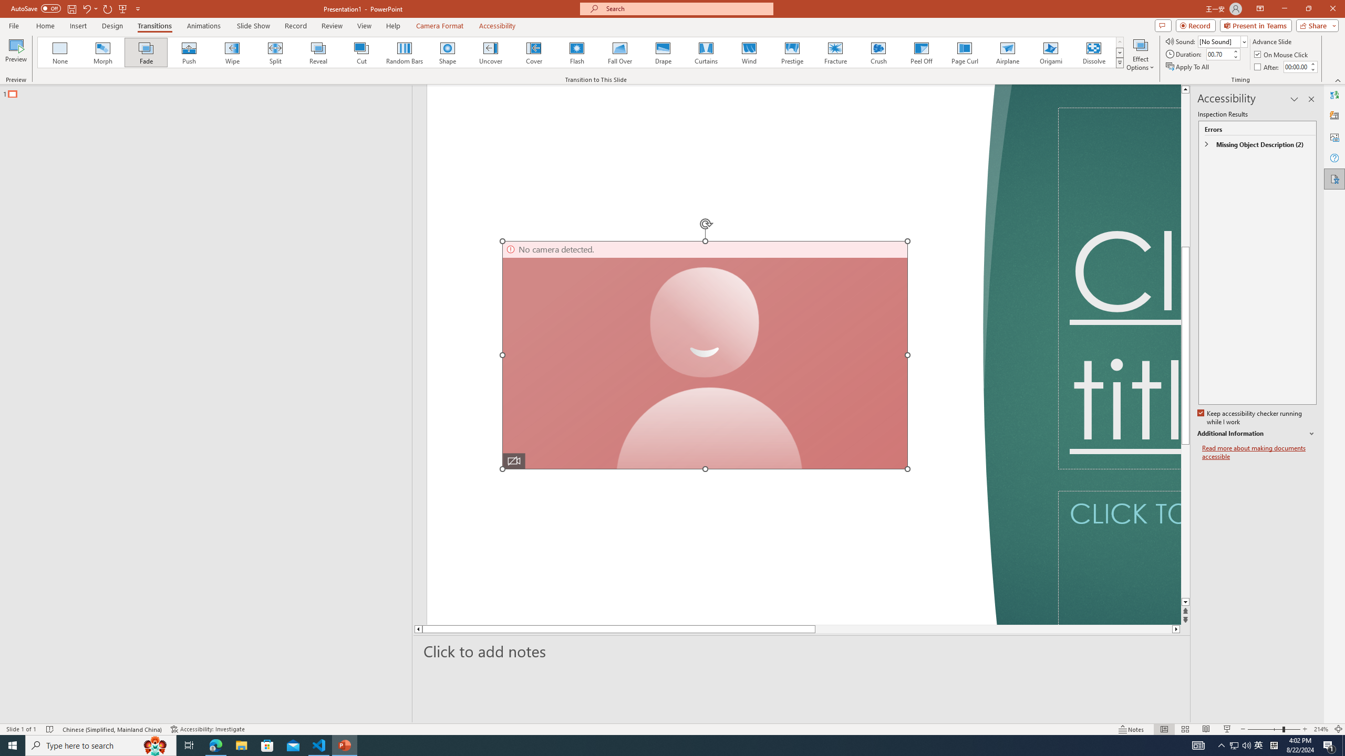 The height and width of the screenshot is (756, 1345). Describe the element at coordinates (705, 354) in the screenshot. I see `'Camera 7, No camera detected.'` at that location.